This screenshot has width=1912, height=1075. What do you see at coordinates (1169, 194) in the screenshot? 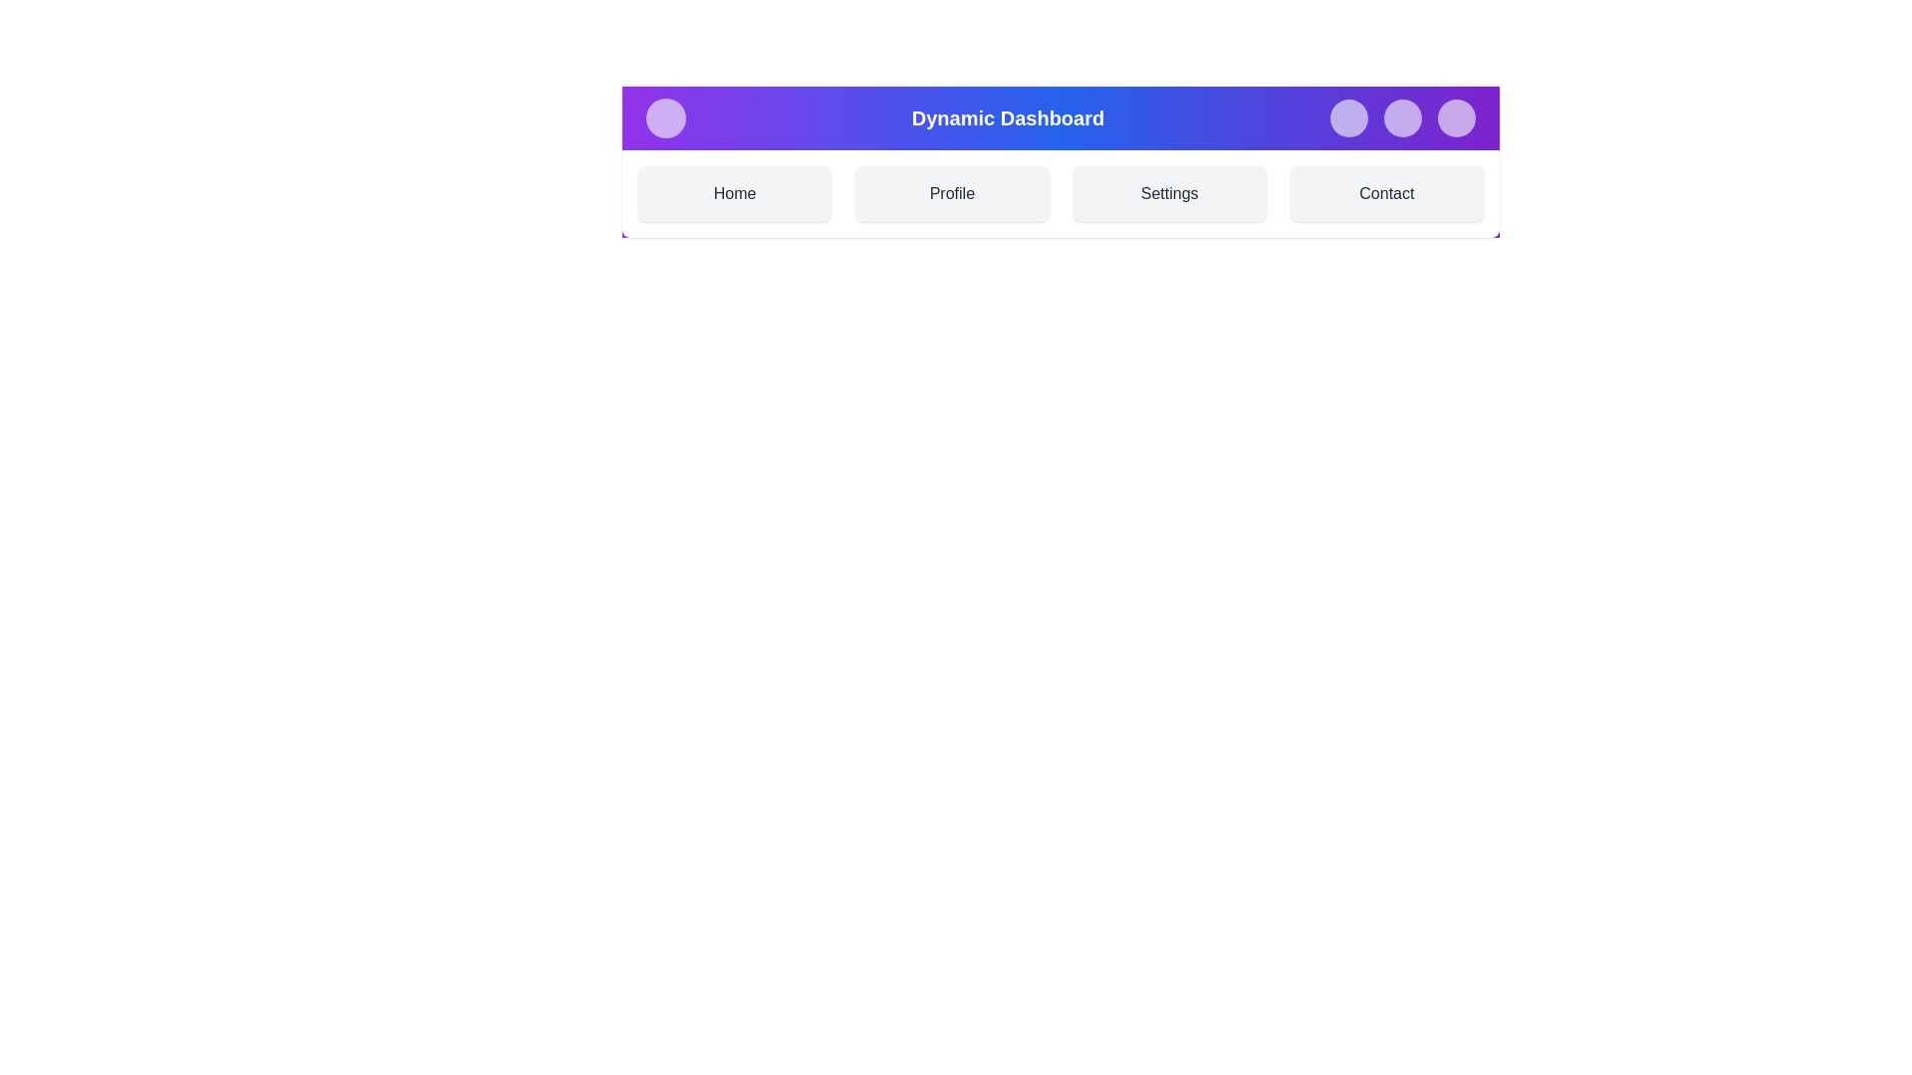
I see `the 'Settings' section of the component` at bounding box center [1169, 194].